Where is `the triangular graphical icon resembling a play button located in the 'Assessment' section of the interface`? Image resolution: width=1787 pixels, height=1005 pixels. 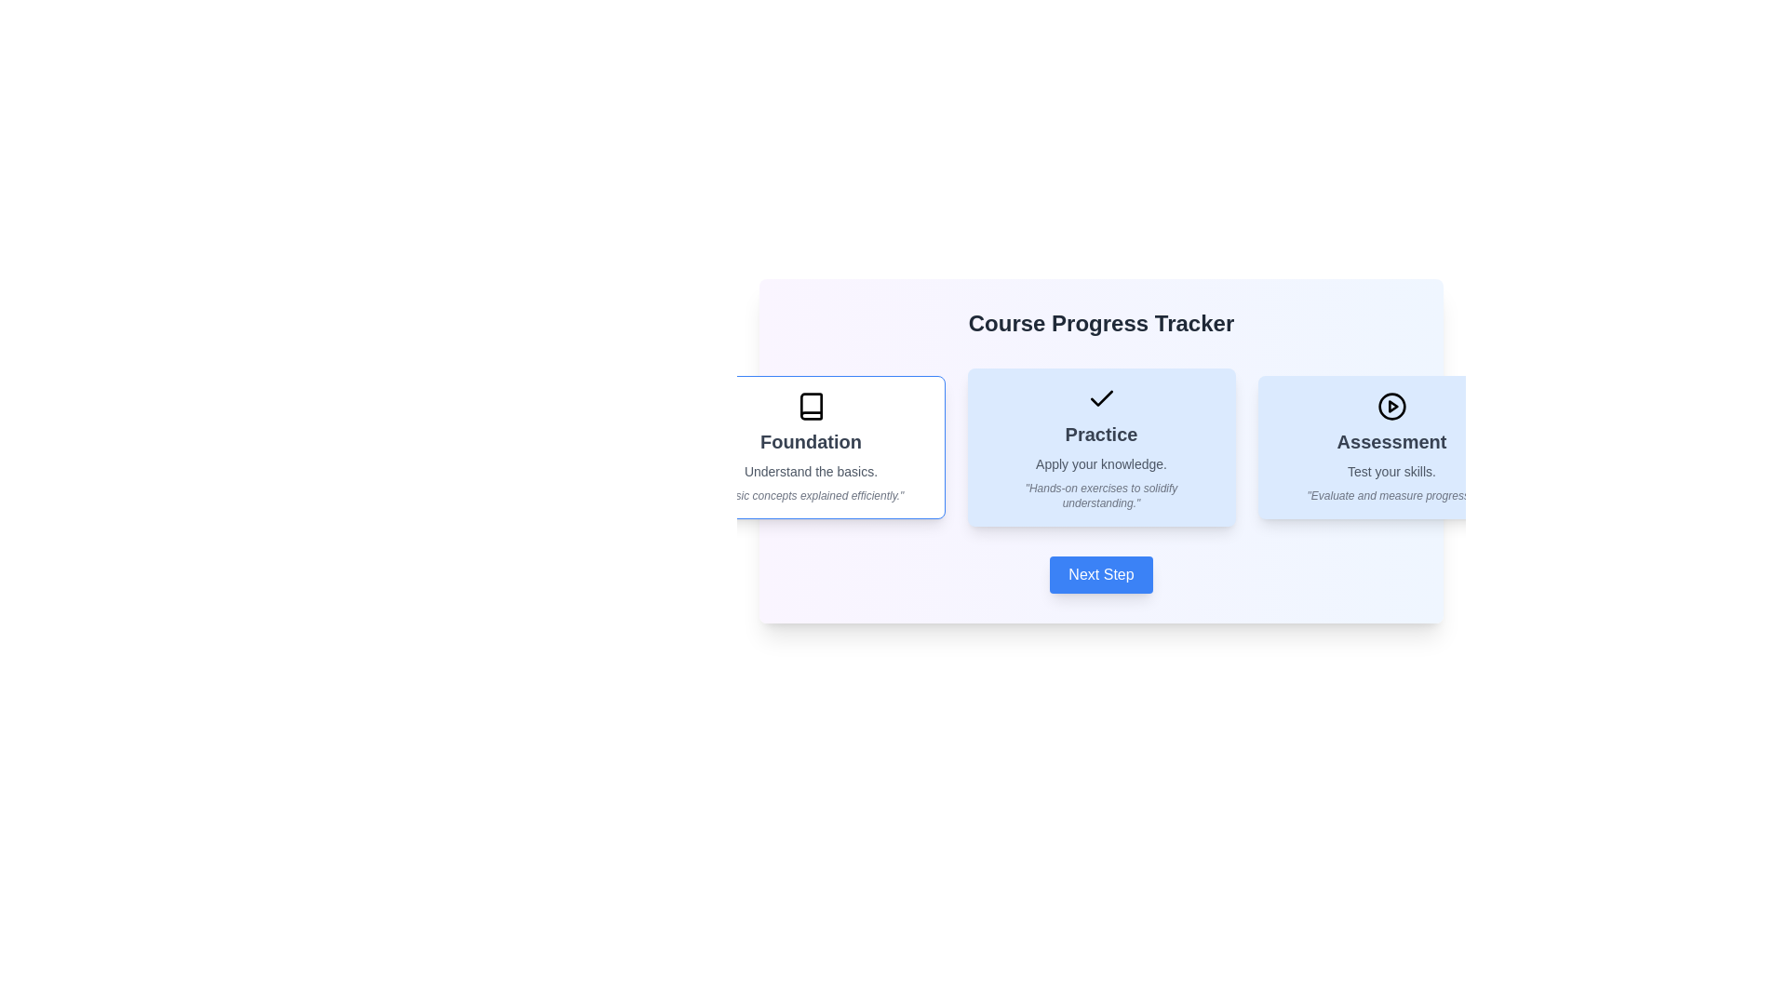
the triangular graphical icon resembling a play button located in the 'Assessment' section of the interface is located at coordinates (1392, 405).